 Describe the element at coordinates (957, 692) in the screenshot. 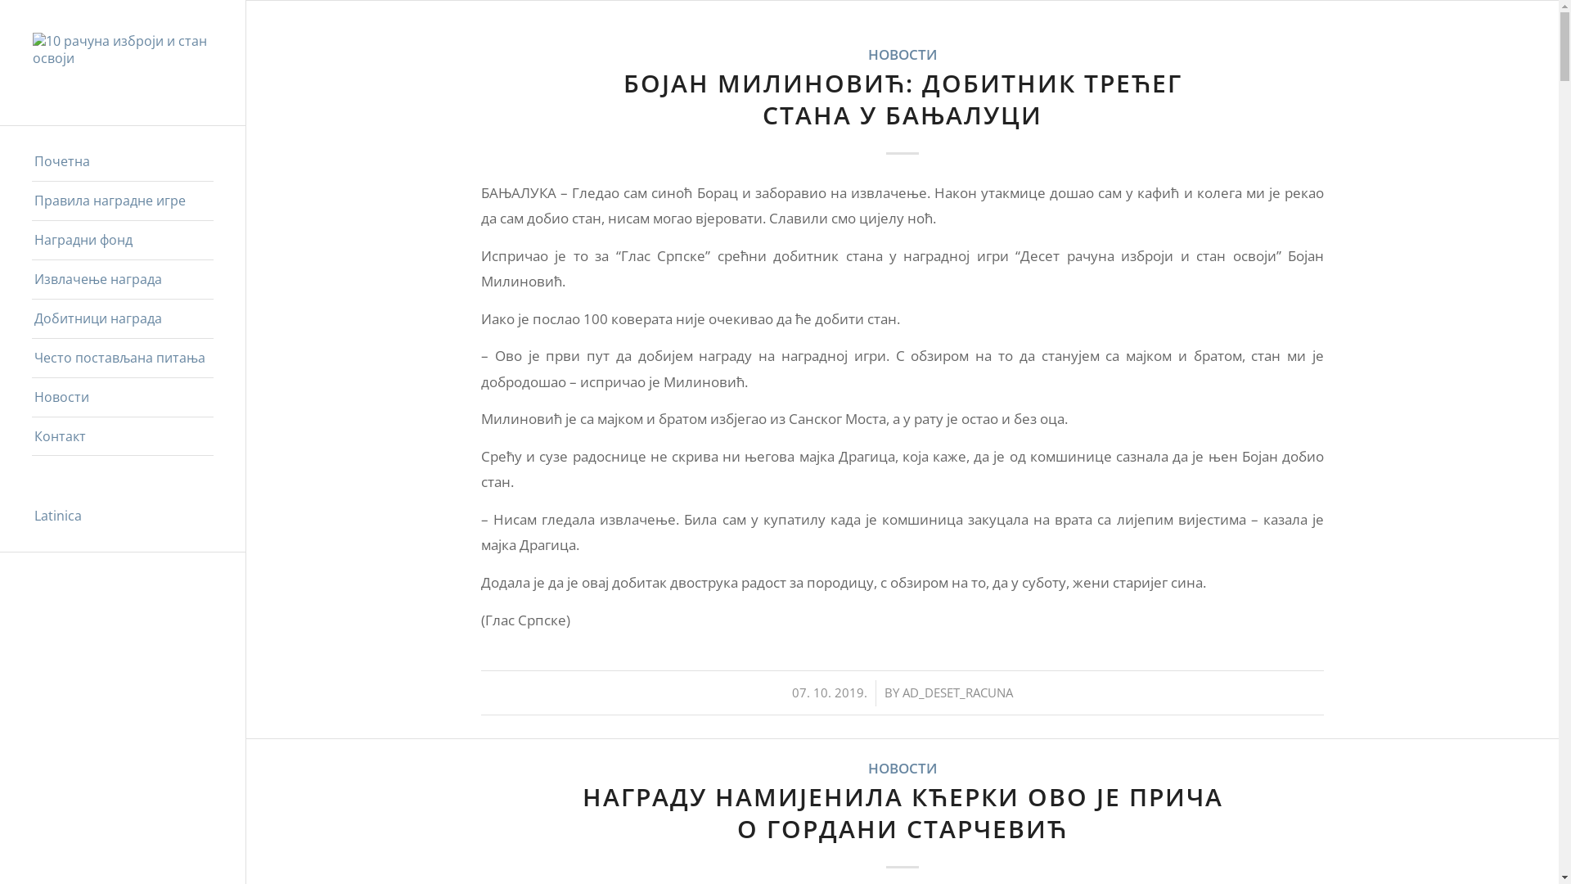

I see `'AD_DESET_RACUNA'` at that location.